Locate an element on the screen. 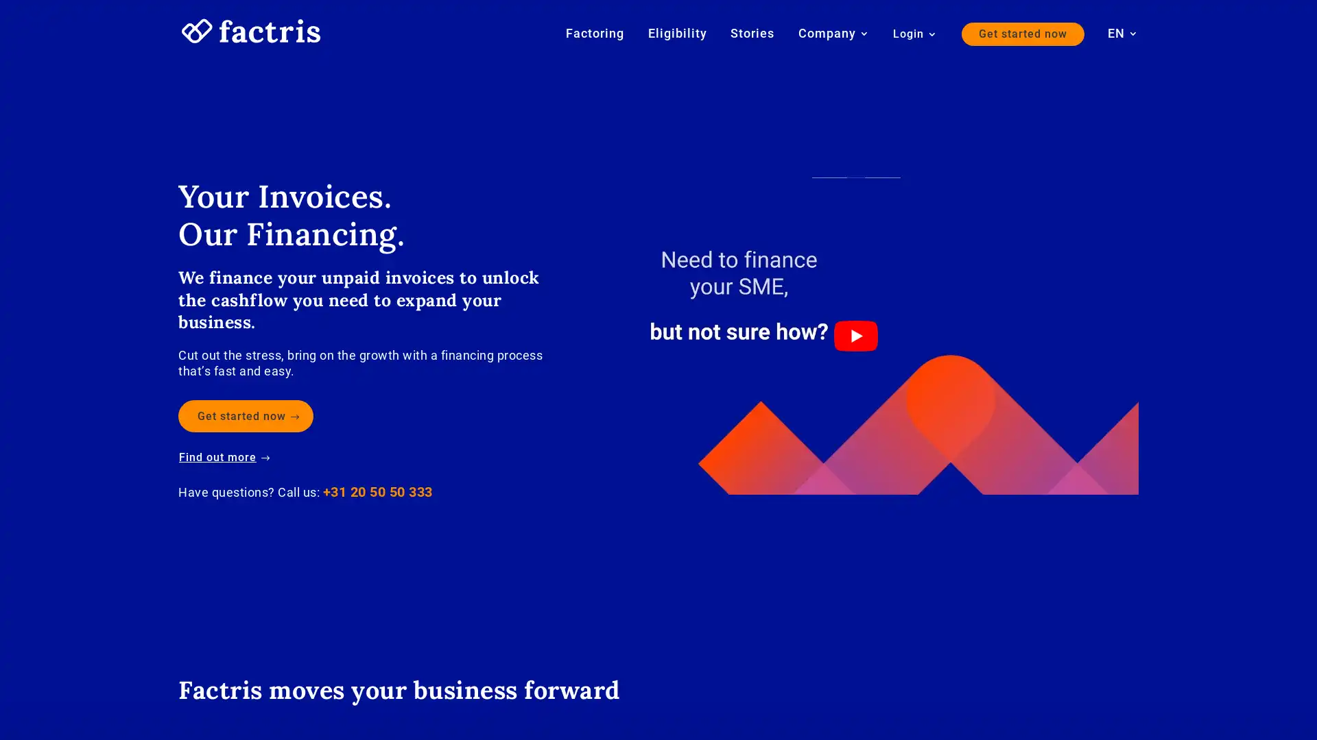 This screenshot has width=1317, height=740. play Youtube video is located at coordinates (855, 335).